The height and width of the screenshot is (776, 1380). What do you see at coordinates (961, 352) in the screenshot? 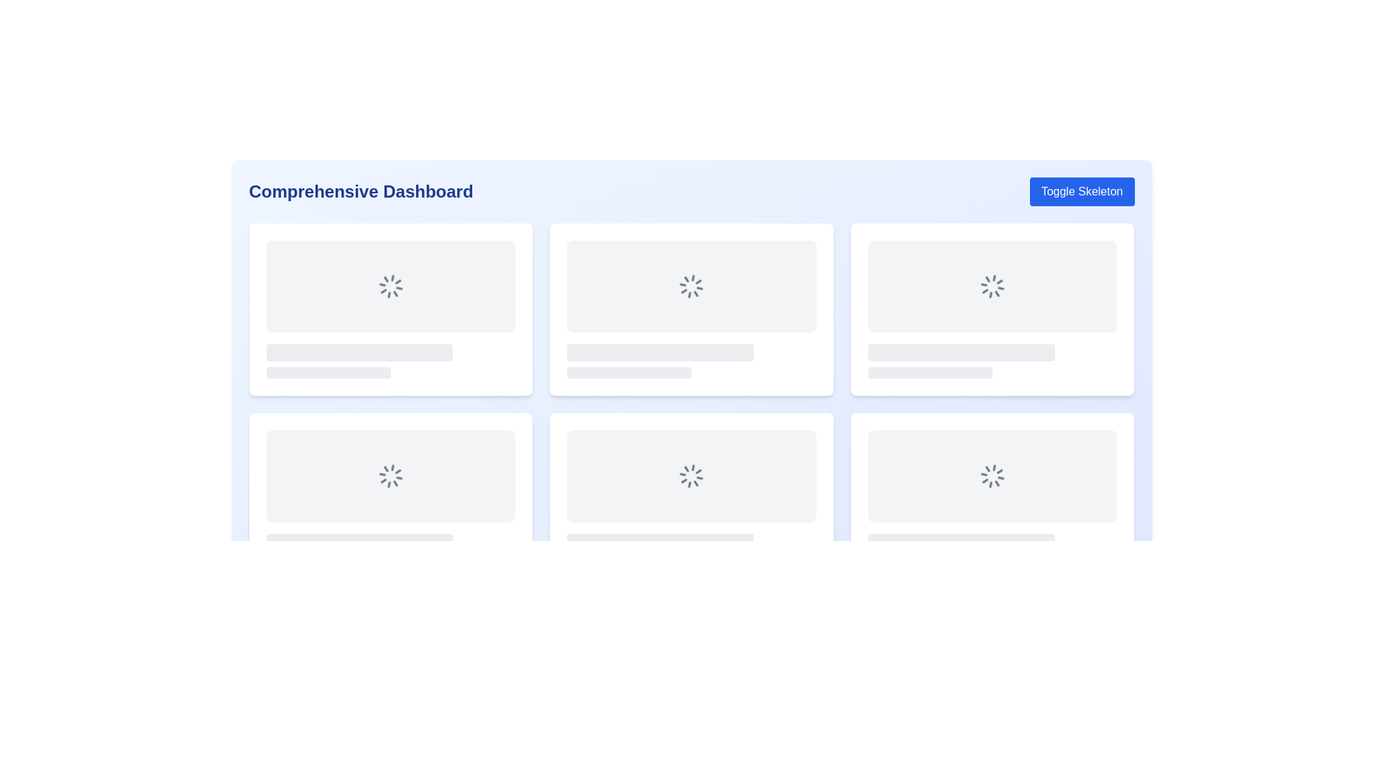
I see `the Skeleton loader element located in the top row of the third card from the left in the top-right section of the interface` at bounding box center [961, 352].